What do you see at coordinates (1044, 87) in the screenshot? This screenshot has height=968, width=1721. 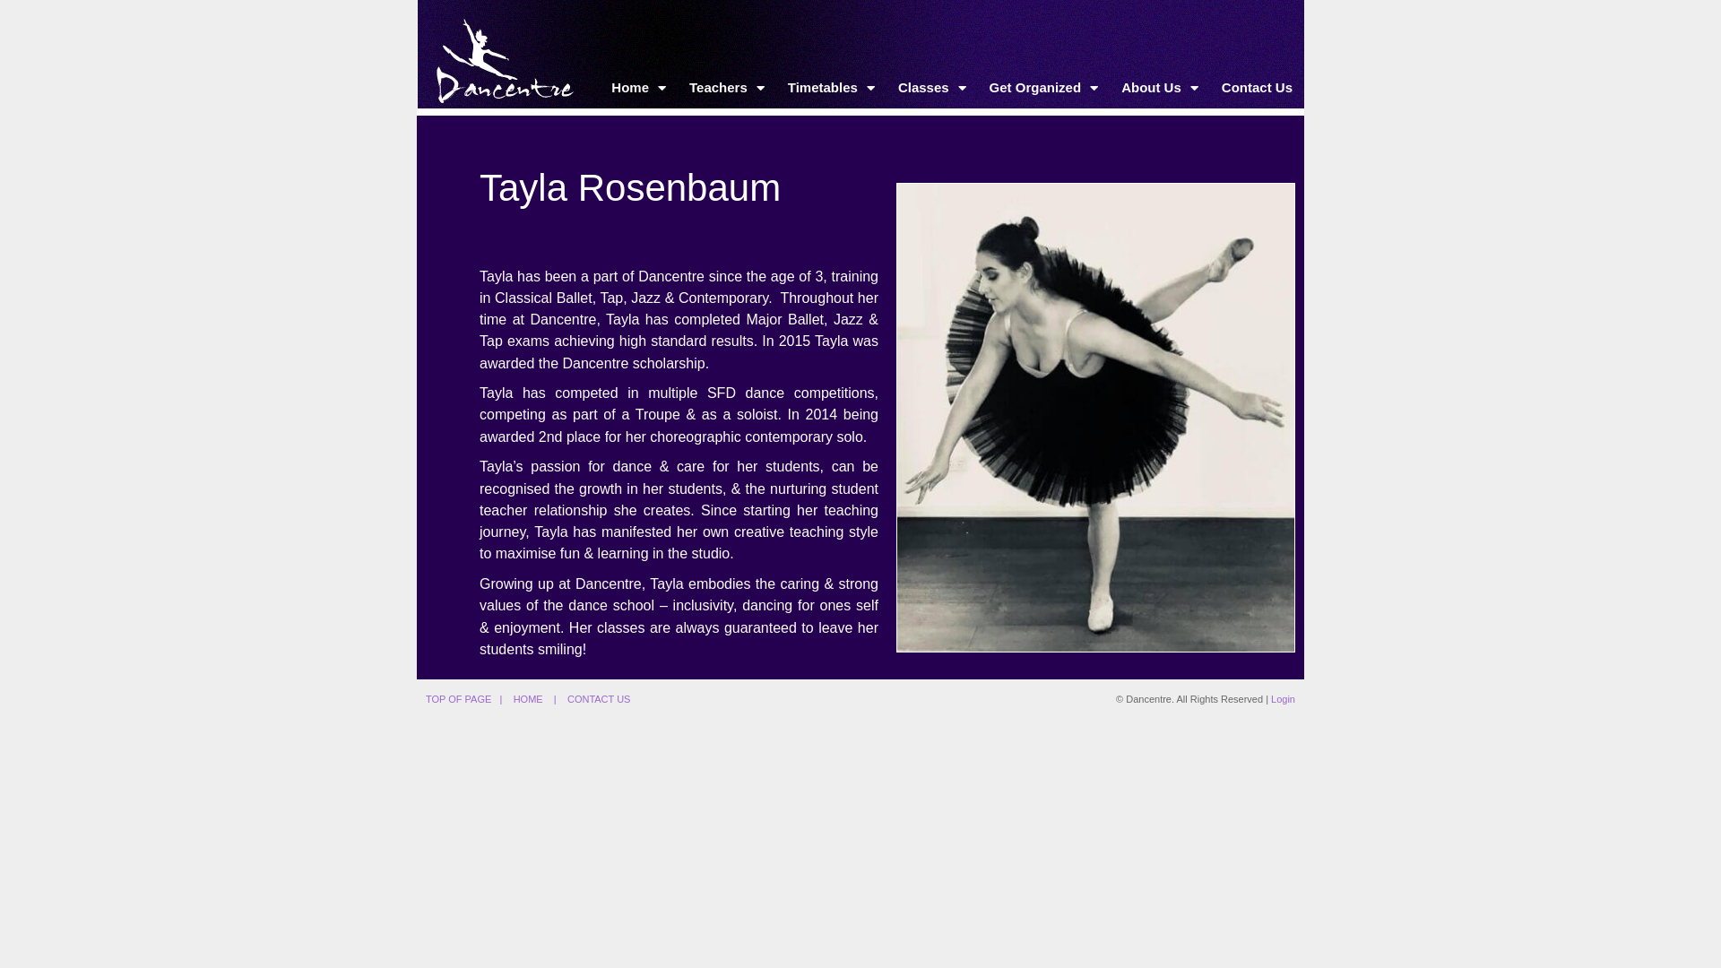 I see `'Get Organized'` at bounding box center [1044, 87].